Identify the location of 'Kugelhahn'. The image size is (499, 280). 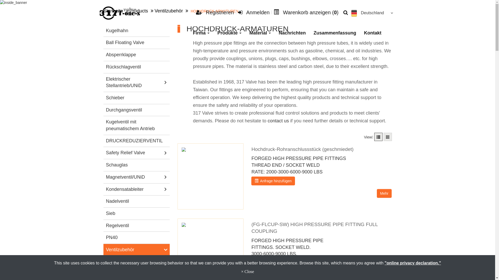
(136, 31).